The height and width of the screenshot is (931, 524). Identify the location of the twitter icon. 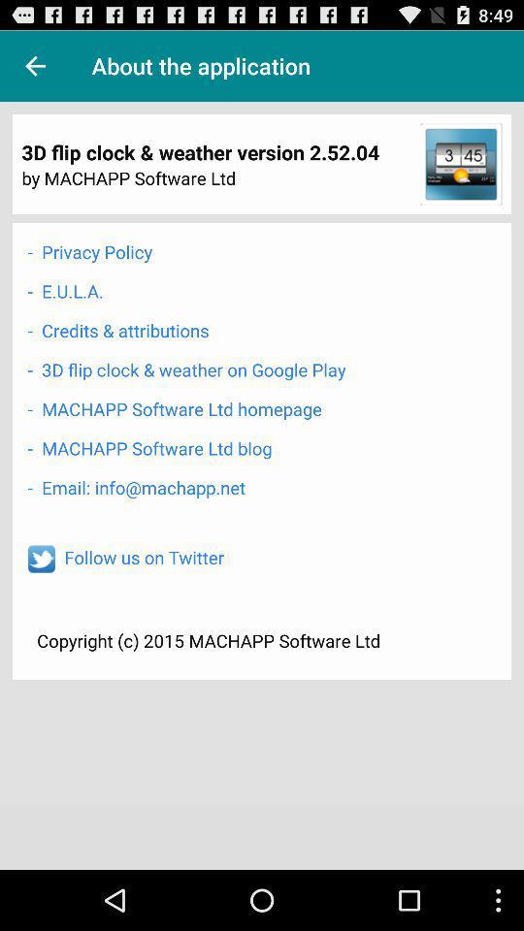
(41, 597).